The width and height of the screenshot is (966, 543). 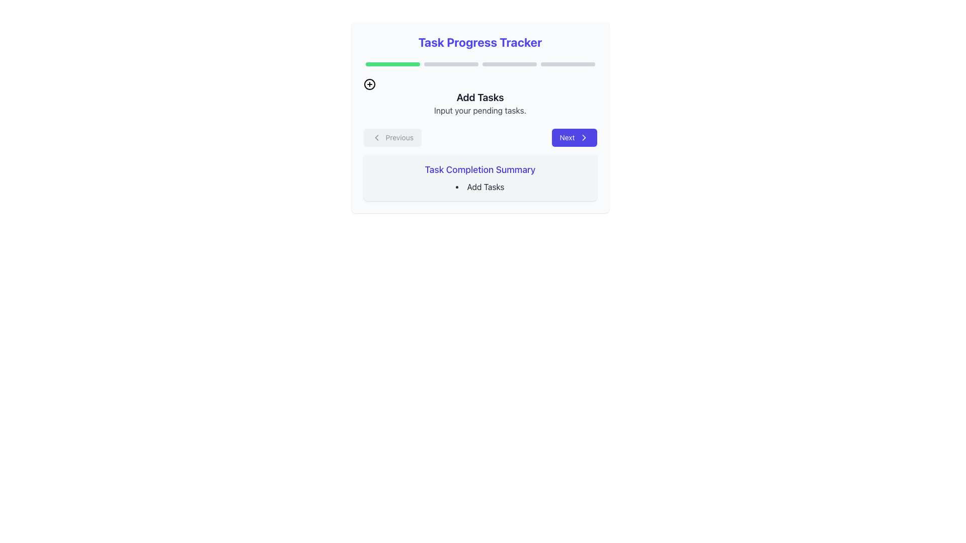 I want to click on the 'Add Tasks' button located in the upper-left corner of the task-related information group, so click(x=369, y=84).